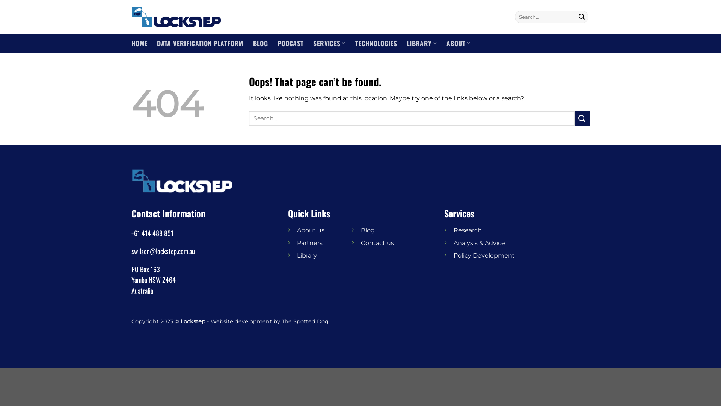  I want to click on 'SERVICES', so click(313, 43).